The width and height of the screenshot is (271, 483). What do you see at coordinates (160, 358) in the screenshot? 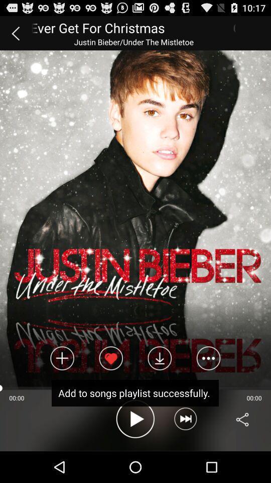
I see `download button` at bounding box center [160, 358].